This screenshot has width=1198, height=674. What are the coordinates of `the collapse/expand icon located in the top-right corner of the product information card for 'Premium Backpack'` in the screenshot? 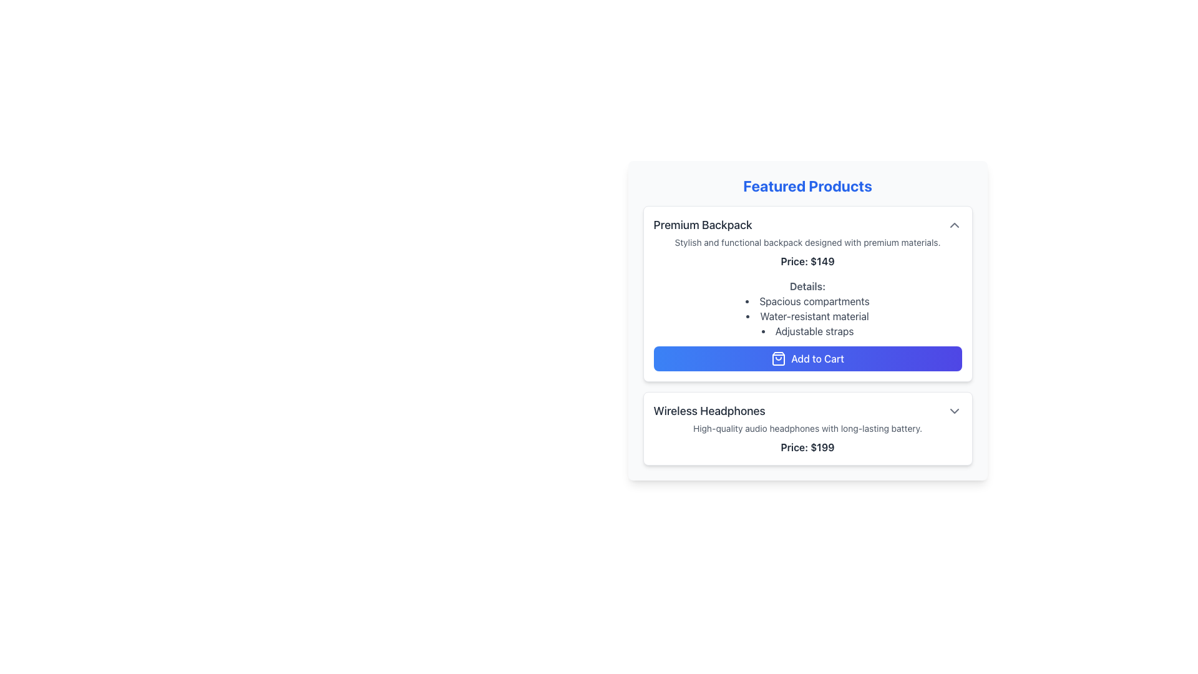 It's located at (953, 225).